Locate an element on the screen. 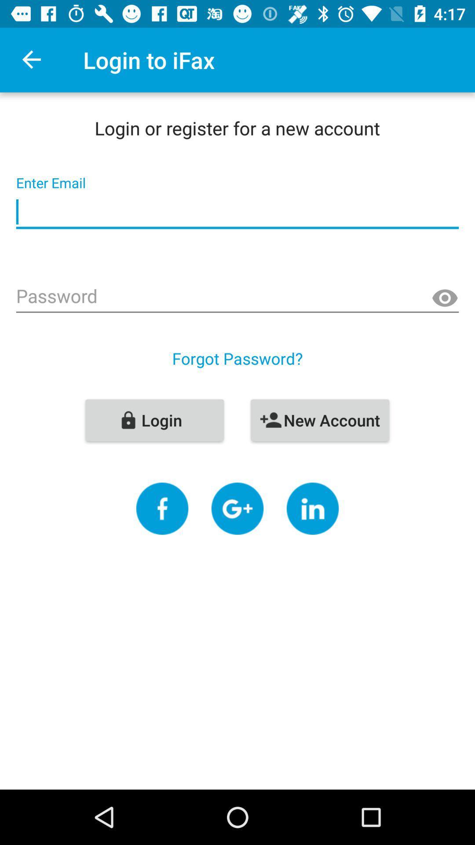  google plus button is located at coordinates (237, 508).